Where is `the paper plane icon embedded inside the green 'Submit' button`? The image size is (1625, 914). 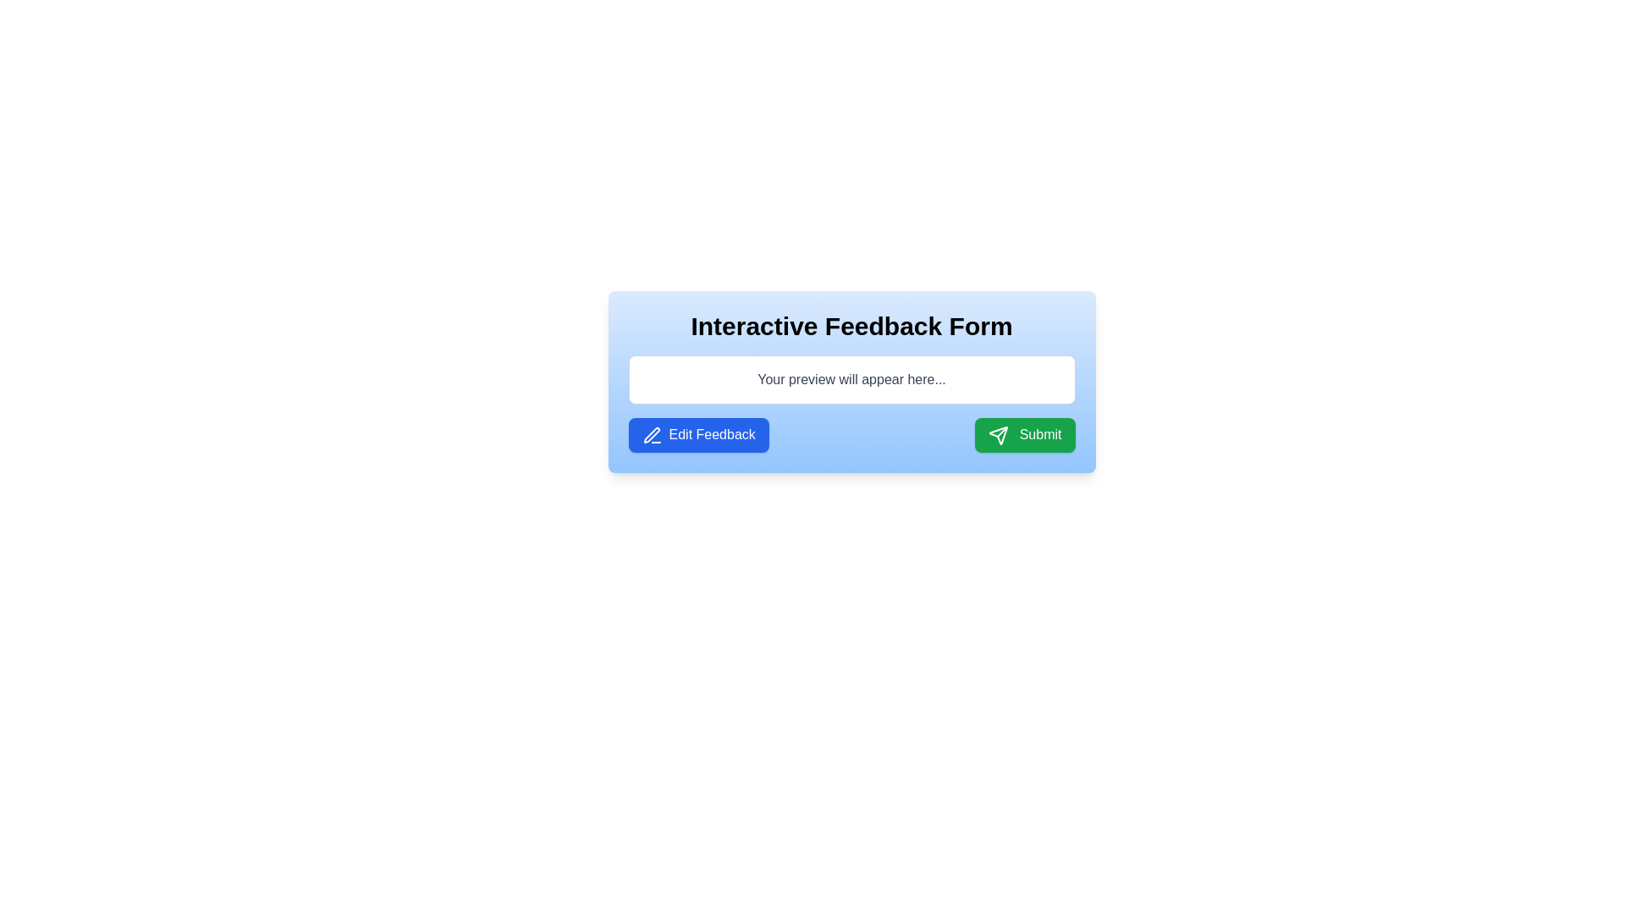
the paper plane icon embedded inside the green 'Submit' button is located at coordinates (999, 434).